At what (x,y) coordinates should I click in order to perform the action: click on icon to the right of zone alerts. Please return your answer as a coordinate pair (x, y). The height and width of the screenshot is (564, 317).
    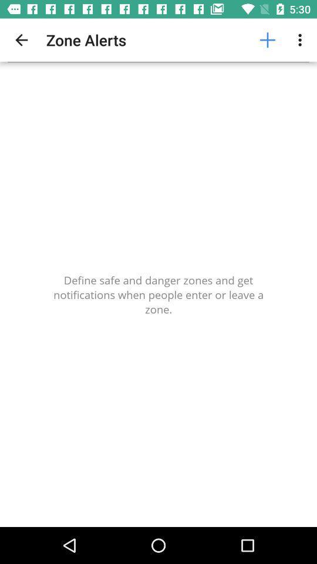
    Looking at the image, I should click on (267, 40).